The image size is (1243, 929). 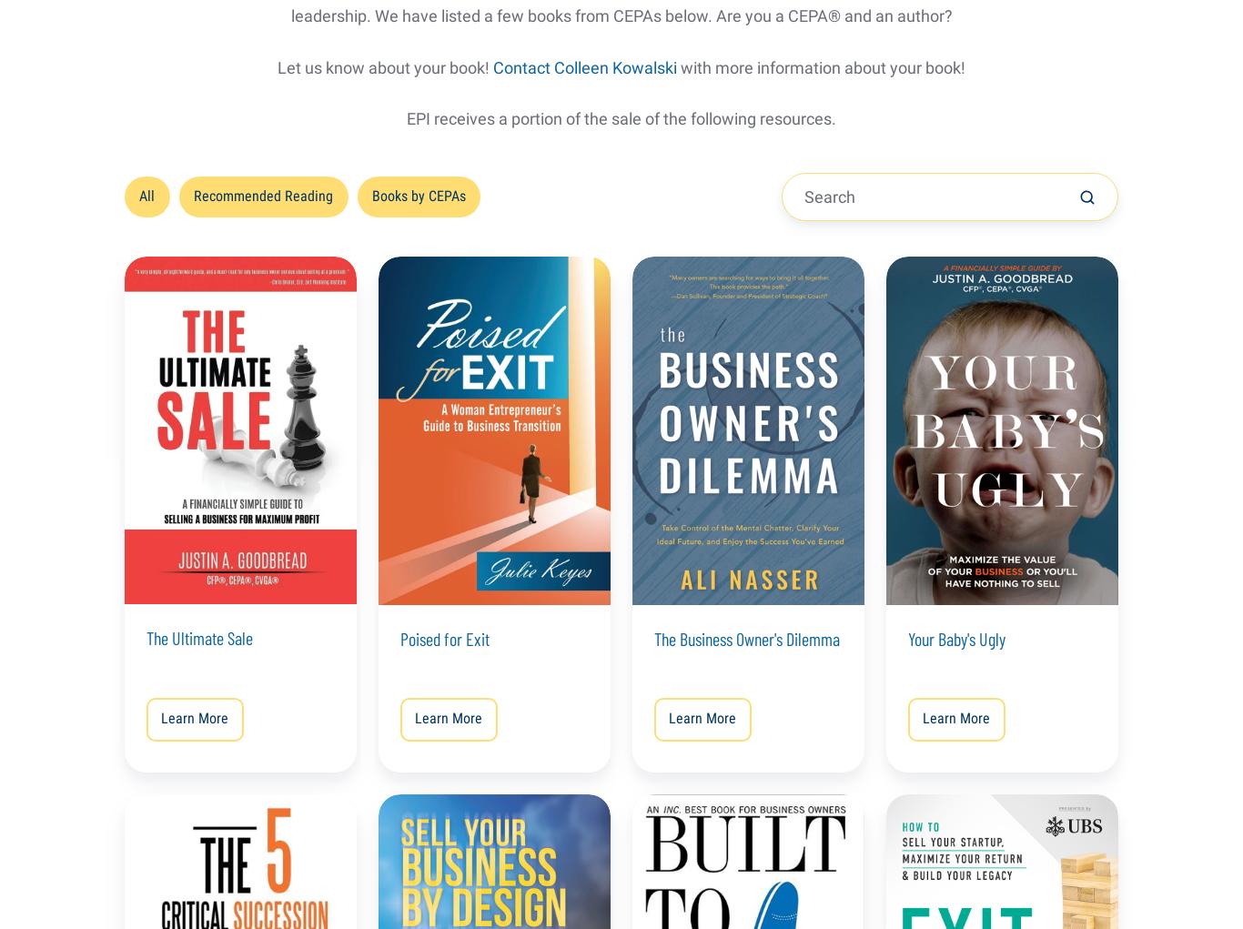 I want to click on 'Your Baby's Ugly', so click(x=907, y=638).